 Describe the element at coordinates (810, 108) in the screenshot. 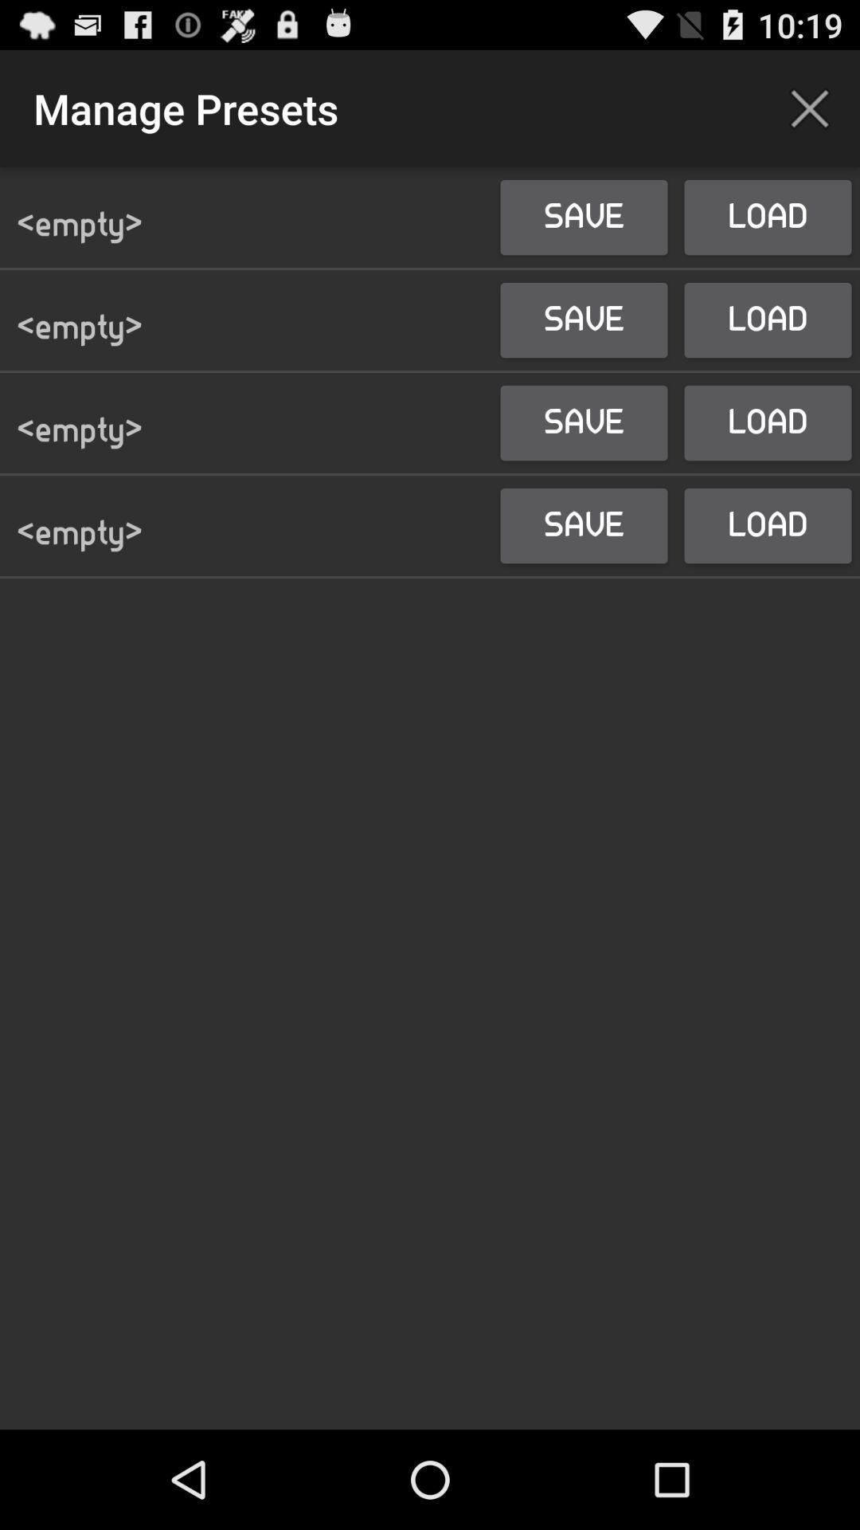

I see `the icon to the right of the save button` at that location.